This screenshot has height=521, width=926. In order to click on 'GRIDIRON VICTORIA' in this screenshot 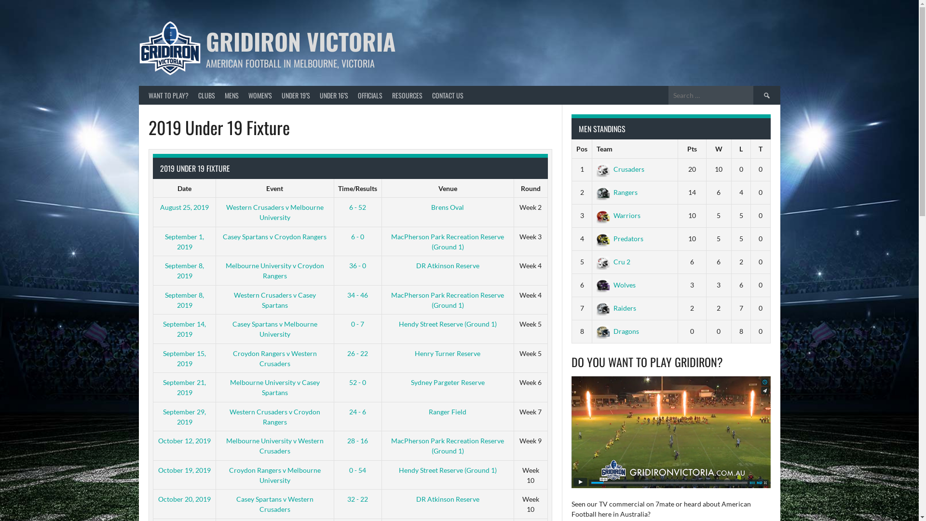, I will do `click(300, 41)`.